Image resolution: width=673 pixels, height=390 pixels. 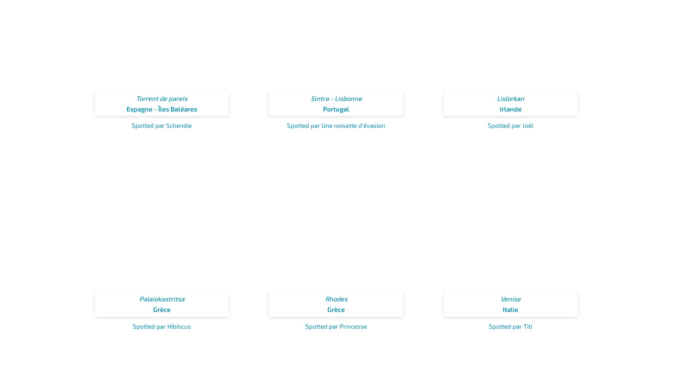 What do you see at coordinates (336, 109) in the screenshot?
I see `'Portugal'` at bounding box center [336, 109].